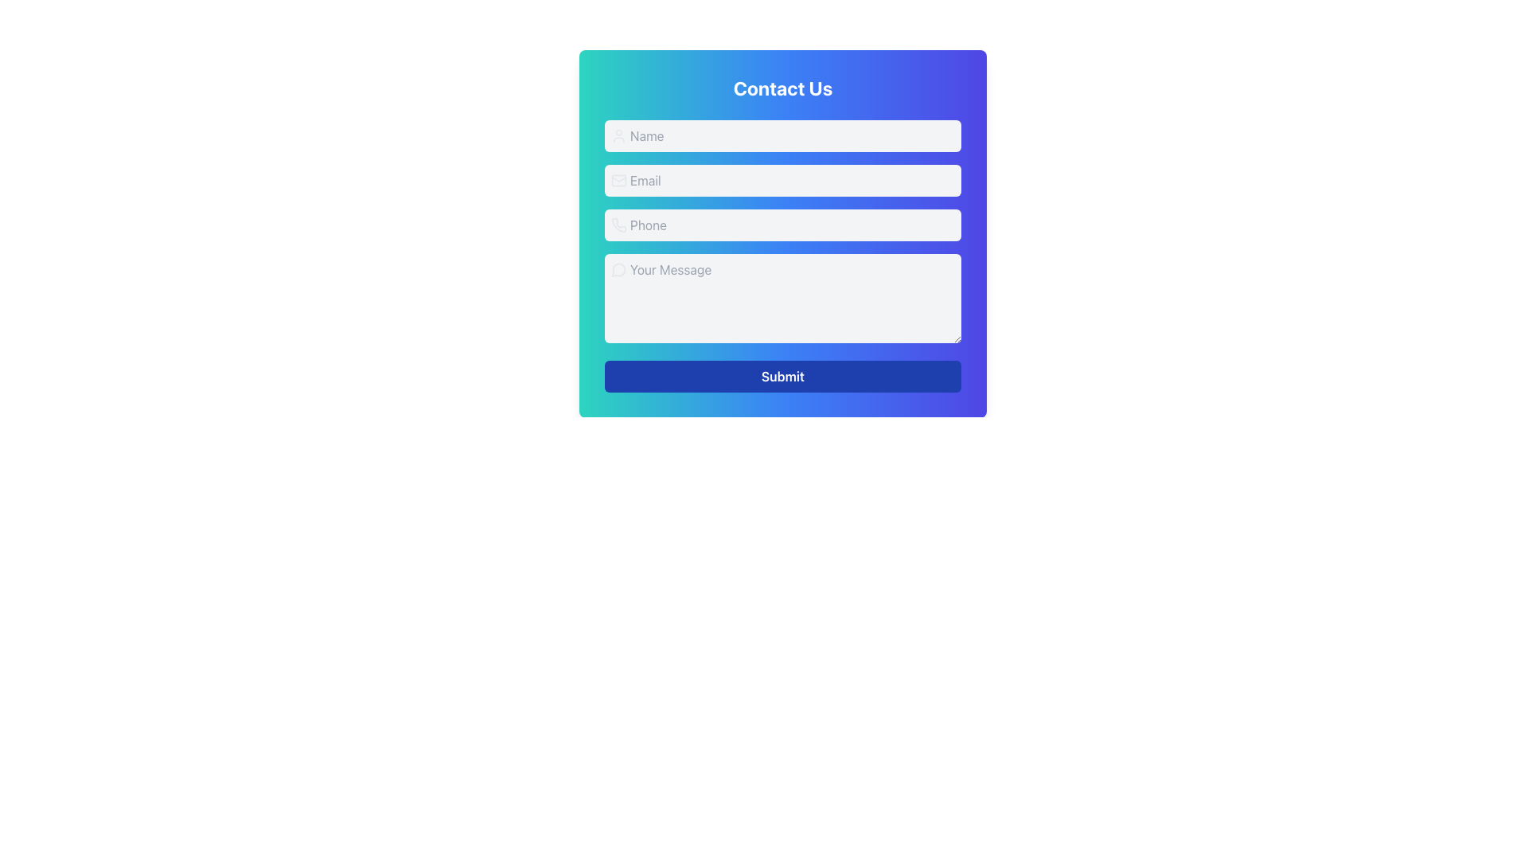  I want to click on the 'Contact Us' static text header, which is styled in bold, large font and centered at the top of the form panel, so click(782, 88).